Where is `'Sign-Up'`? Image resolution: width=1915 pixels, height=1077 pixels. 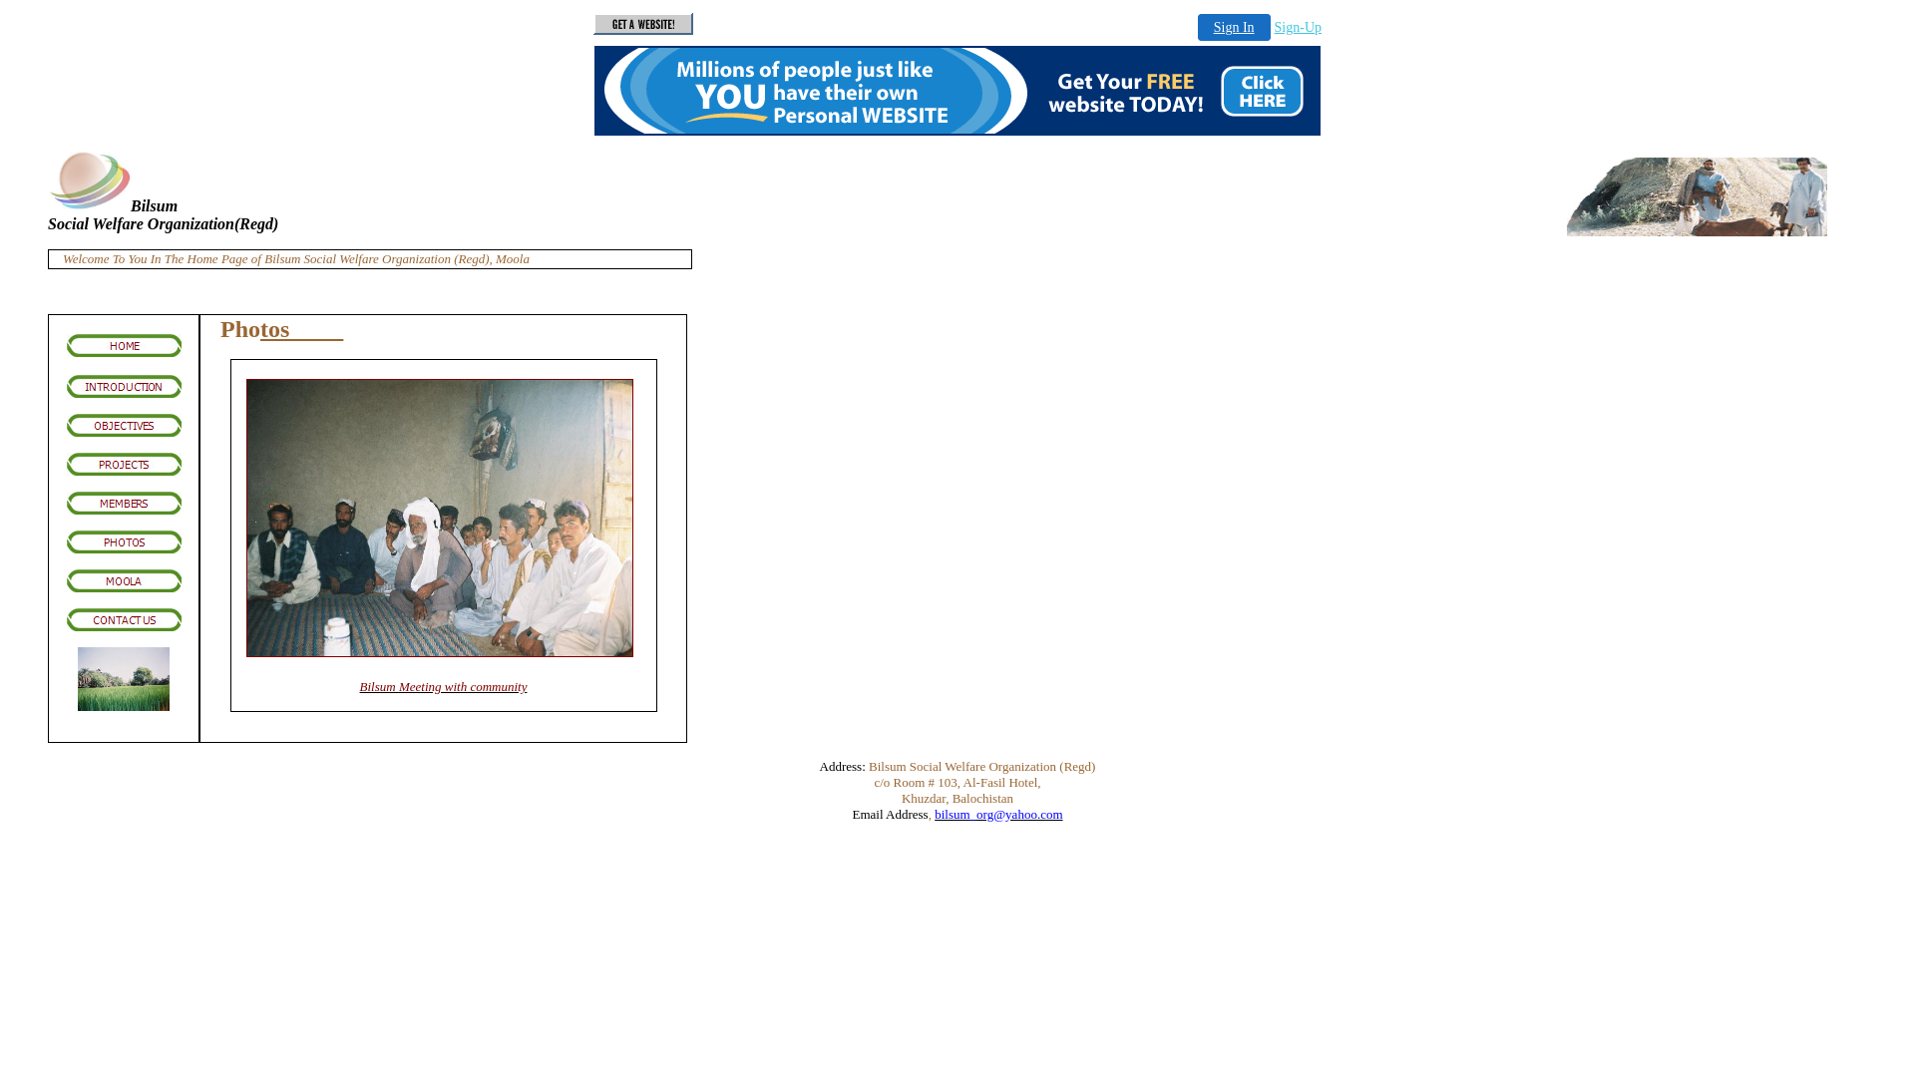 'Sign-Up' is located at coordinates (1273, 27).